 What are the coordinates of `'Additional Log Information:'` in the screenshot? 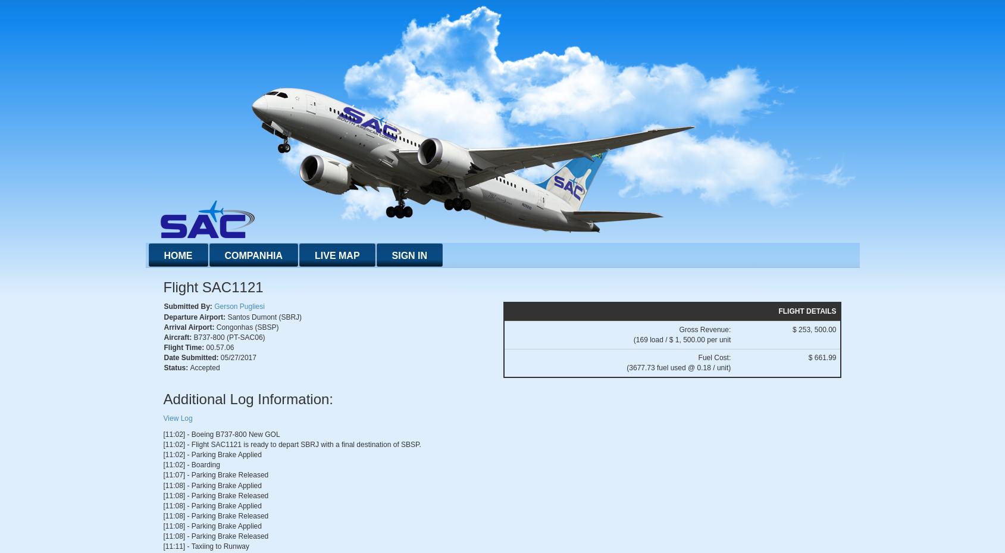 It's located at (248, 399).